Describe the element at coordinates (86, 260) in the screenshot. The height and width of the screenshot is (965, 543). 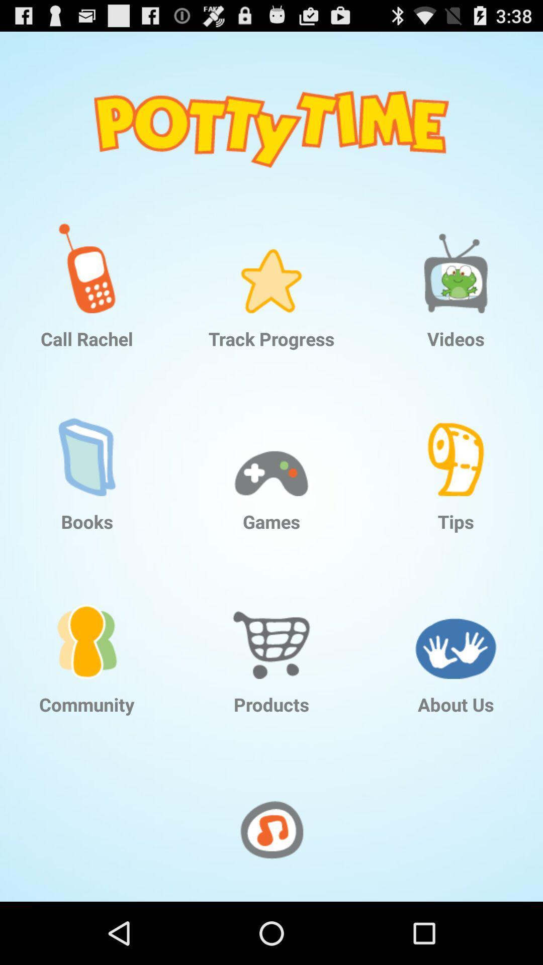
I see `the app above the call rachel app` at that location.